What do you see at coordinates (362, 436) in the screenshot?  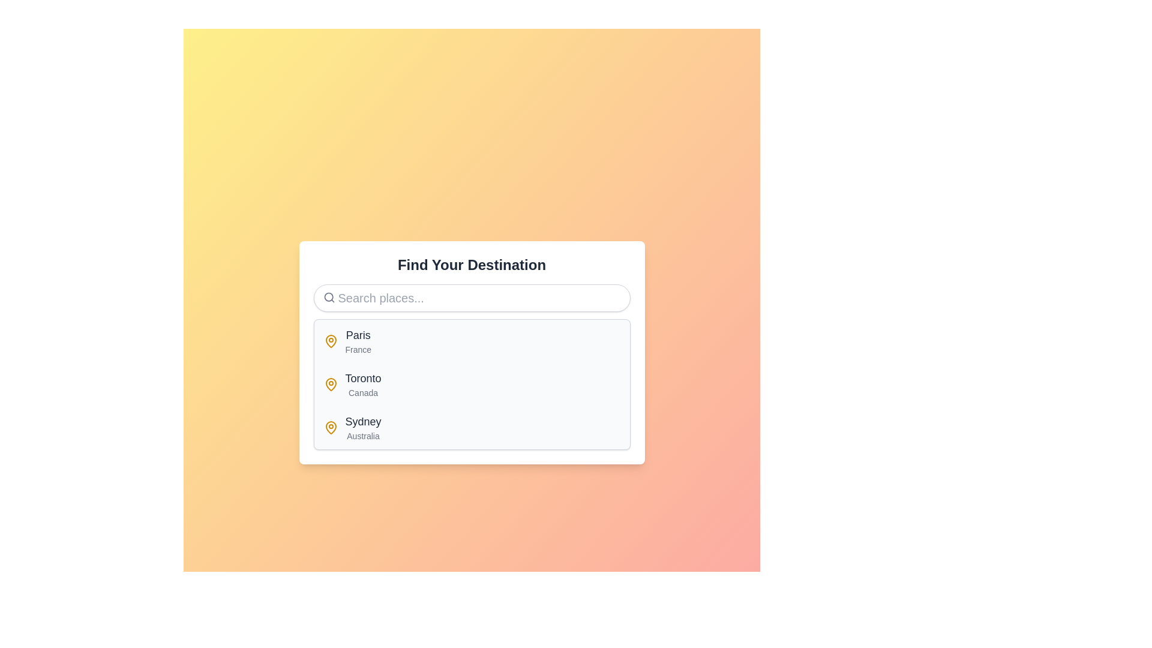 I see `text label displaying 'Australia' which is a small gray font positioned under the larger text 'Sydney' in the list of destinations` at bounding box center [362, 436].